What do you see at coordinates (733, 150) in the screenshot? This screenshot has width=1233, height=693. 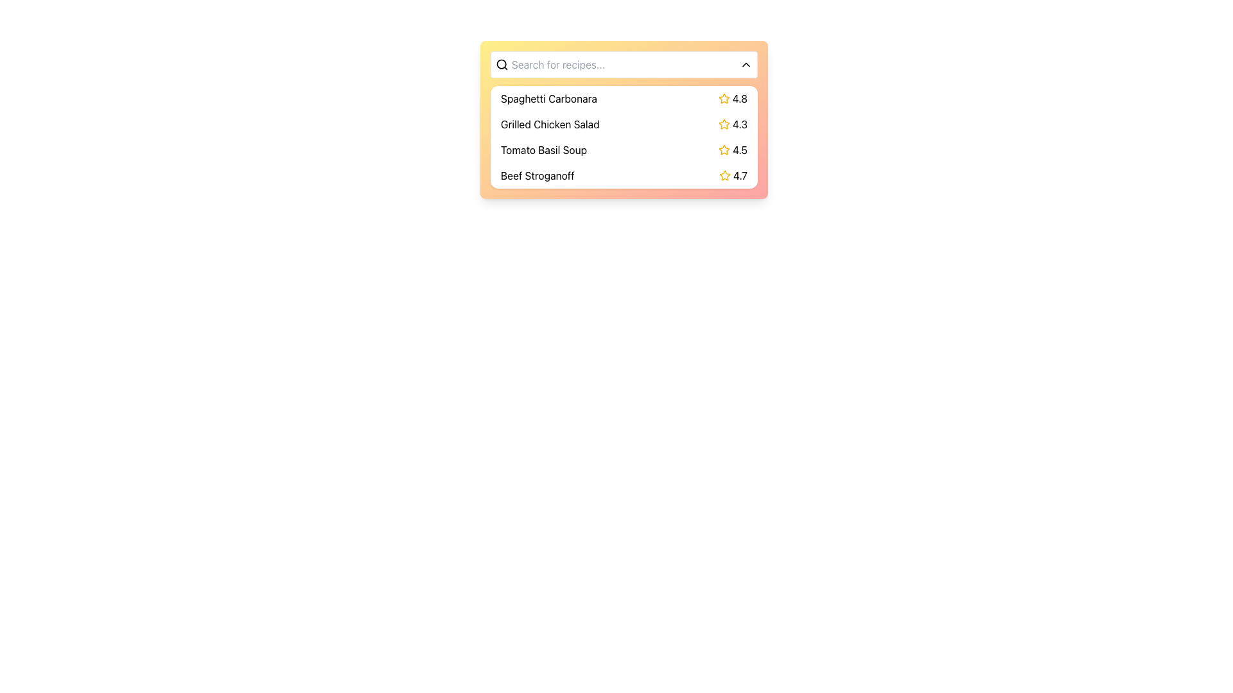 I see `the numerical label displaying '4.5' next to the yellow star icon in the 'Tomato Basil Soup' entry` at bounding box center [733, 150].